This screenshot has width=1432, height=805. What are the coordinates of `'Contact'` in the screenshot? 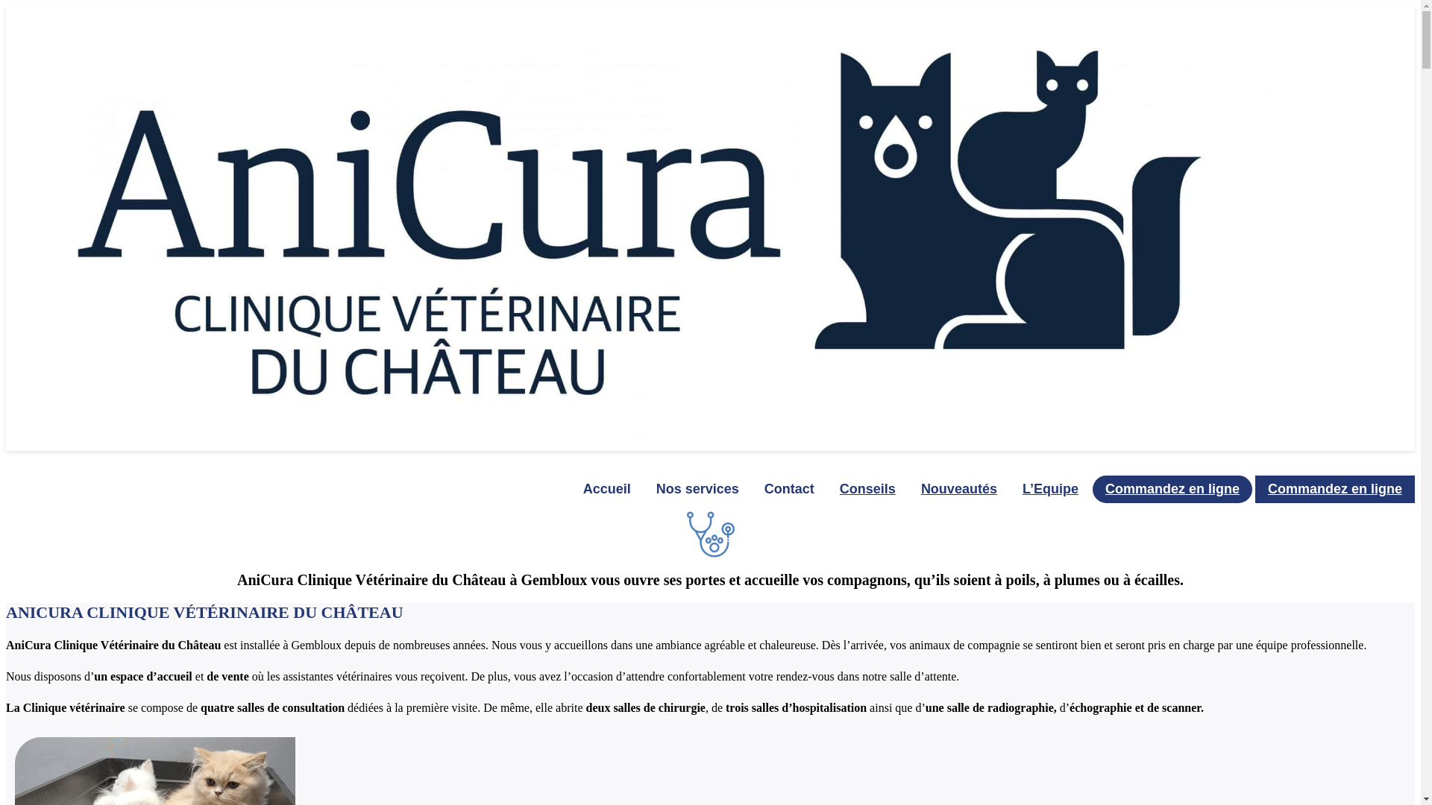 It's located at (788, 489).